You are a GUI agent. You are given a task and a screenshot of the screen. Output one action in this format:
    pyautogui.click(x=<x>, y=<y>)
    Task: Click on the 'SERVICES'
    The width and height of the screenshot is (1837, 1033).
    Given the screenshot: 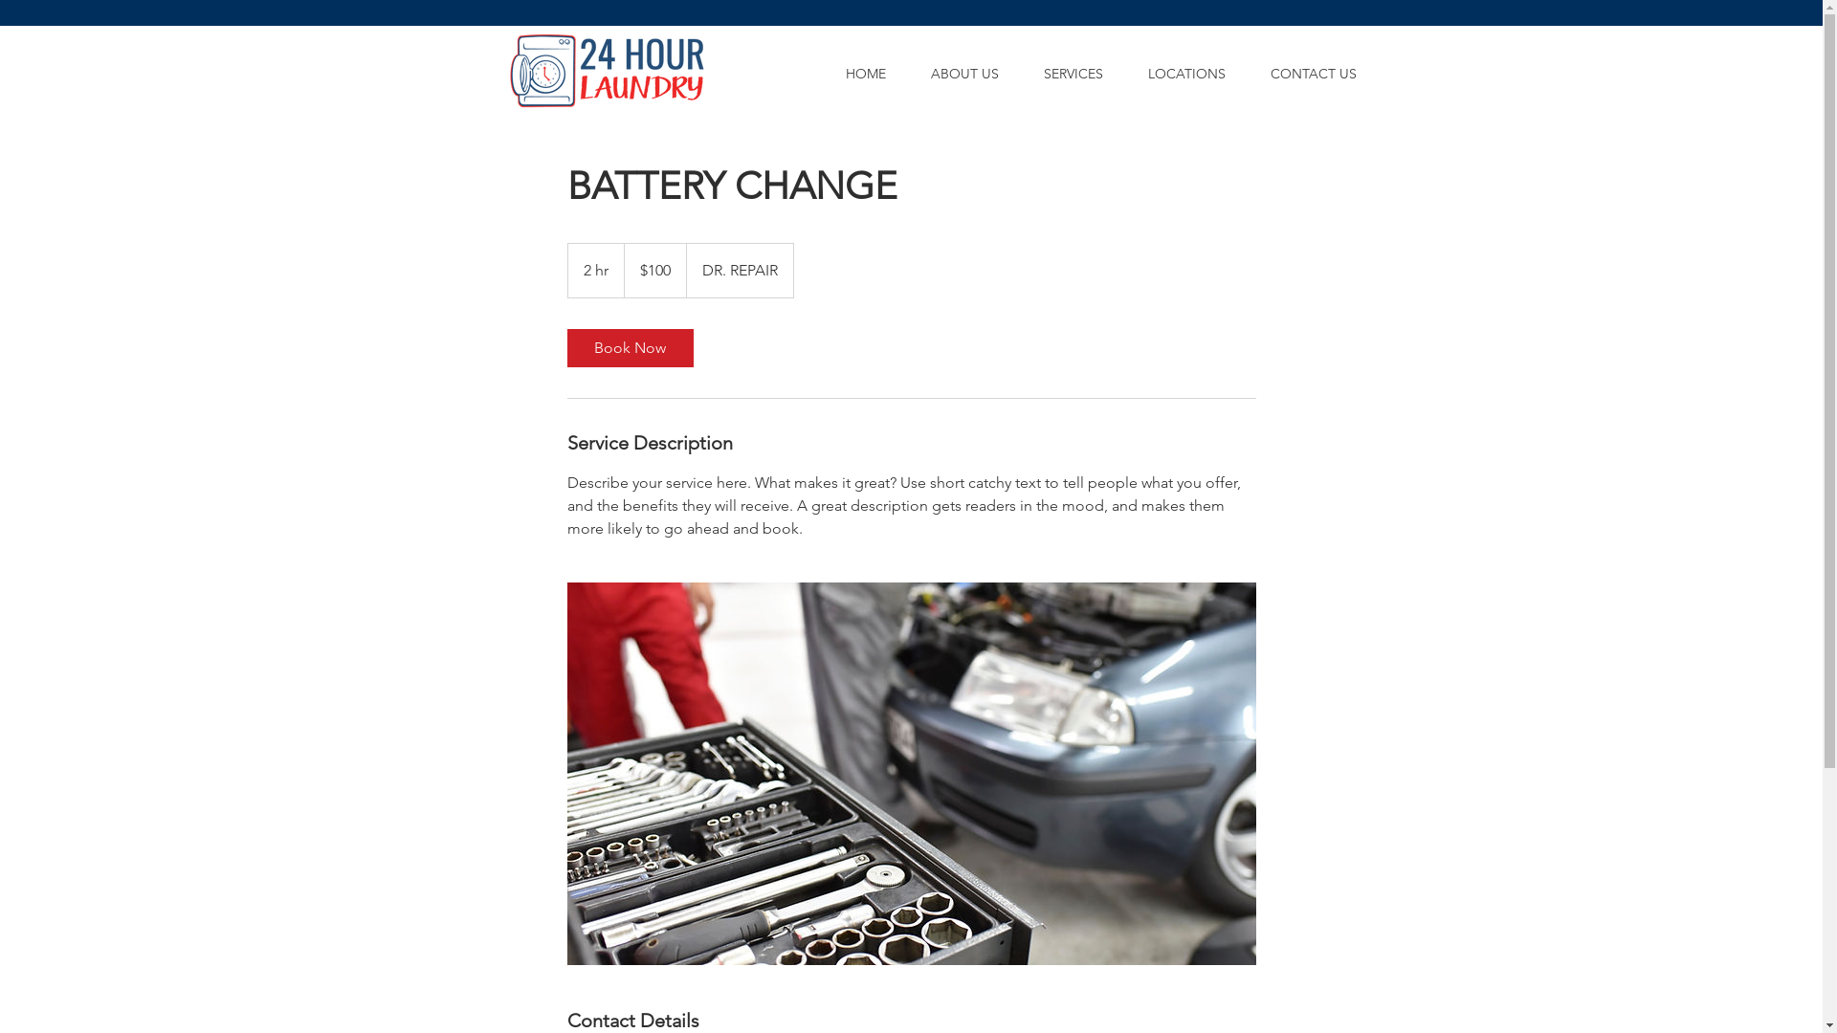 What is the action you would take?
    pyautogui.click(x=1073, y=73)
    